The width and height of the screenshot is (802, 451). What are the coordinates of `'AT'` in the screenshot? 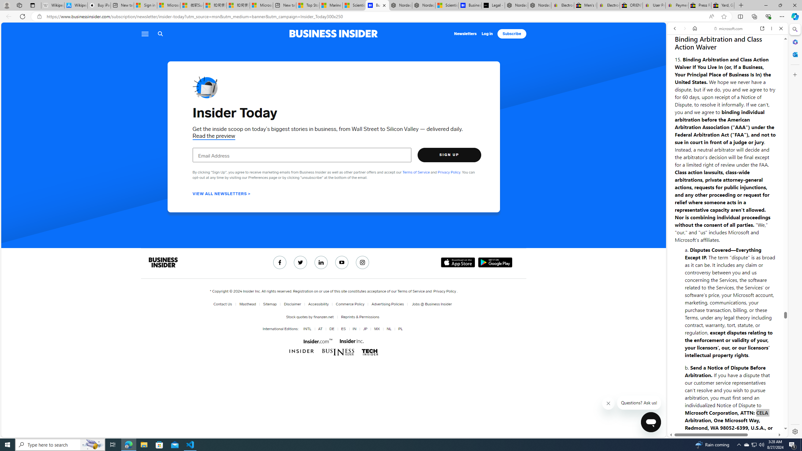 It's located at (319, 329).